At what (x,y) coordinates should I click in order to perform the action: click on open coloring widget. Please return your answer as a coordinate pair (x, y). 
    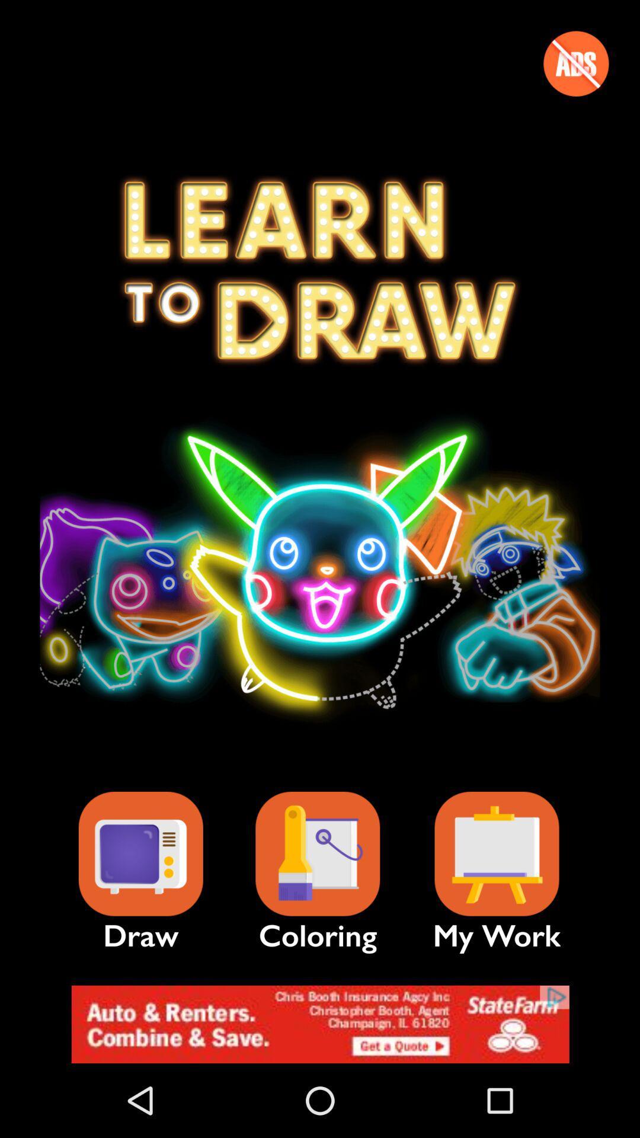
    Looking at the image, I should click on (317, 854).